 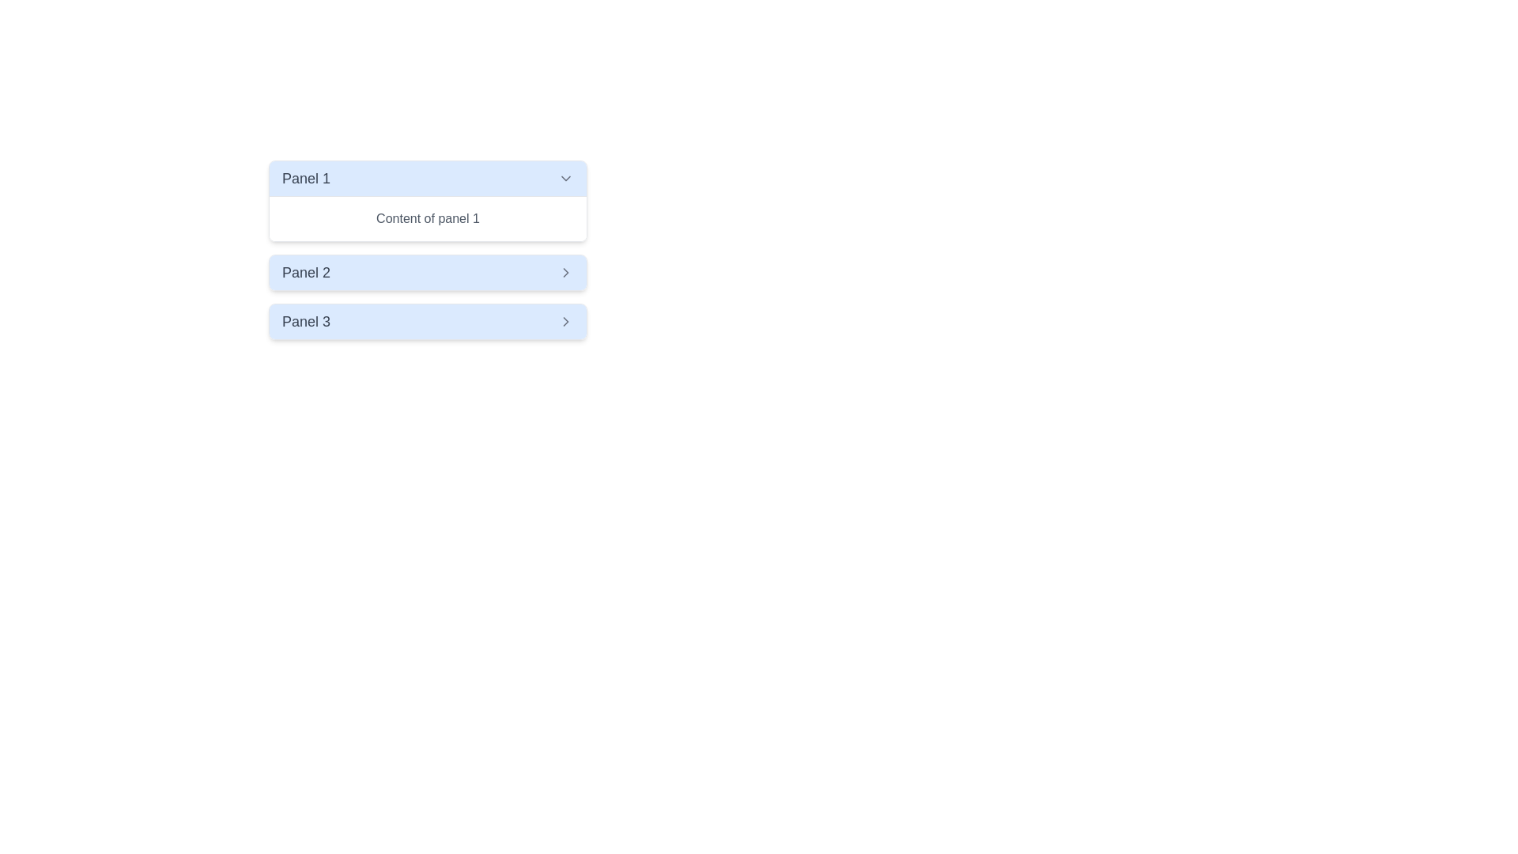 What do you see at coordinates (565, 178) in the screenshot?
I see `the toggle indicator icon located at the top-right corner of 'Panel 1'` at bounding box center [565, 178].